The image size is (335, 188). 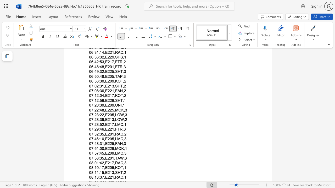 I want to click on the space between the continuous character "2" and "," in the text, so click(x=104, y=163).